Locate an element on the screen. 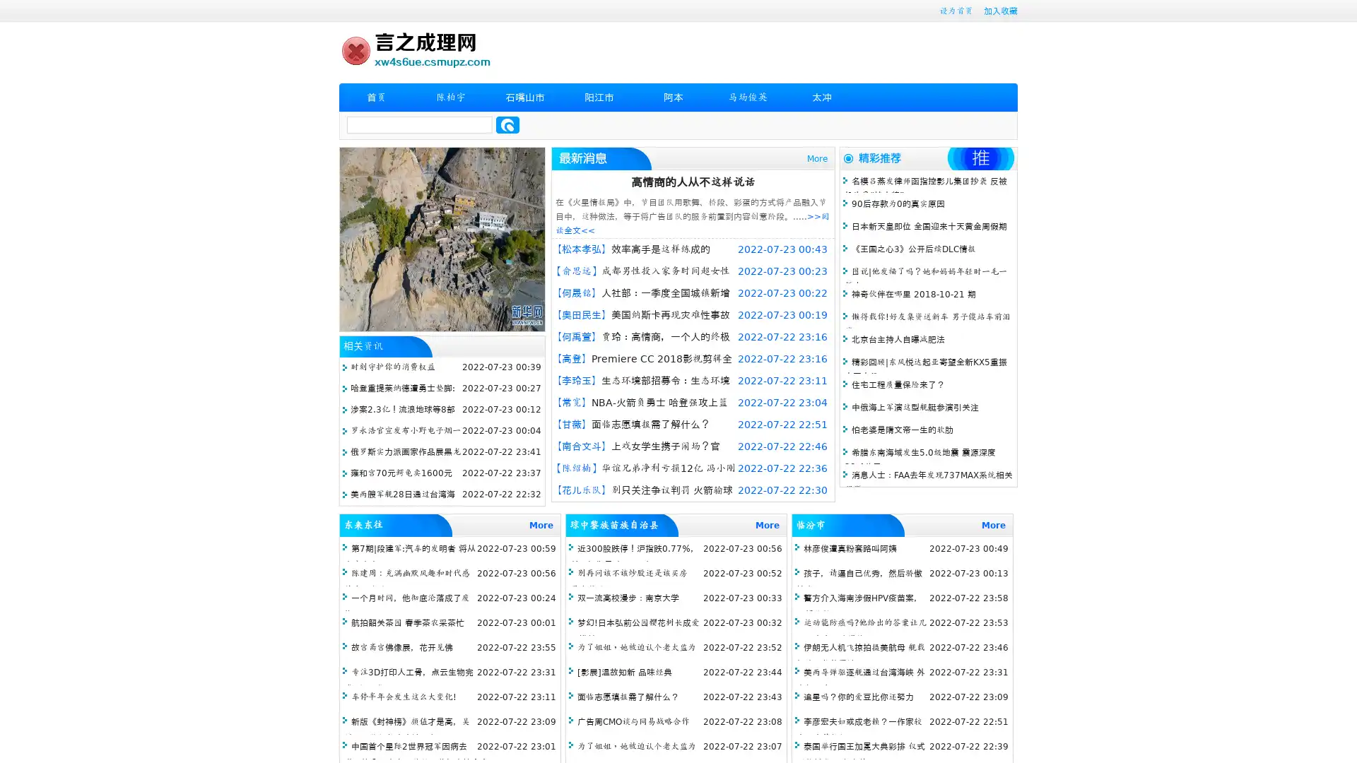 This screenshot has height=763, width=1357. Search is located at coordinates (507, 124).